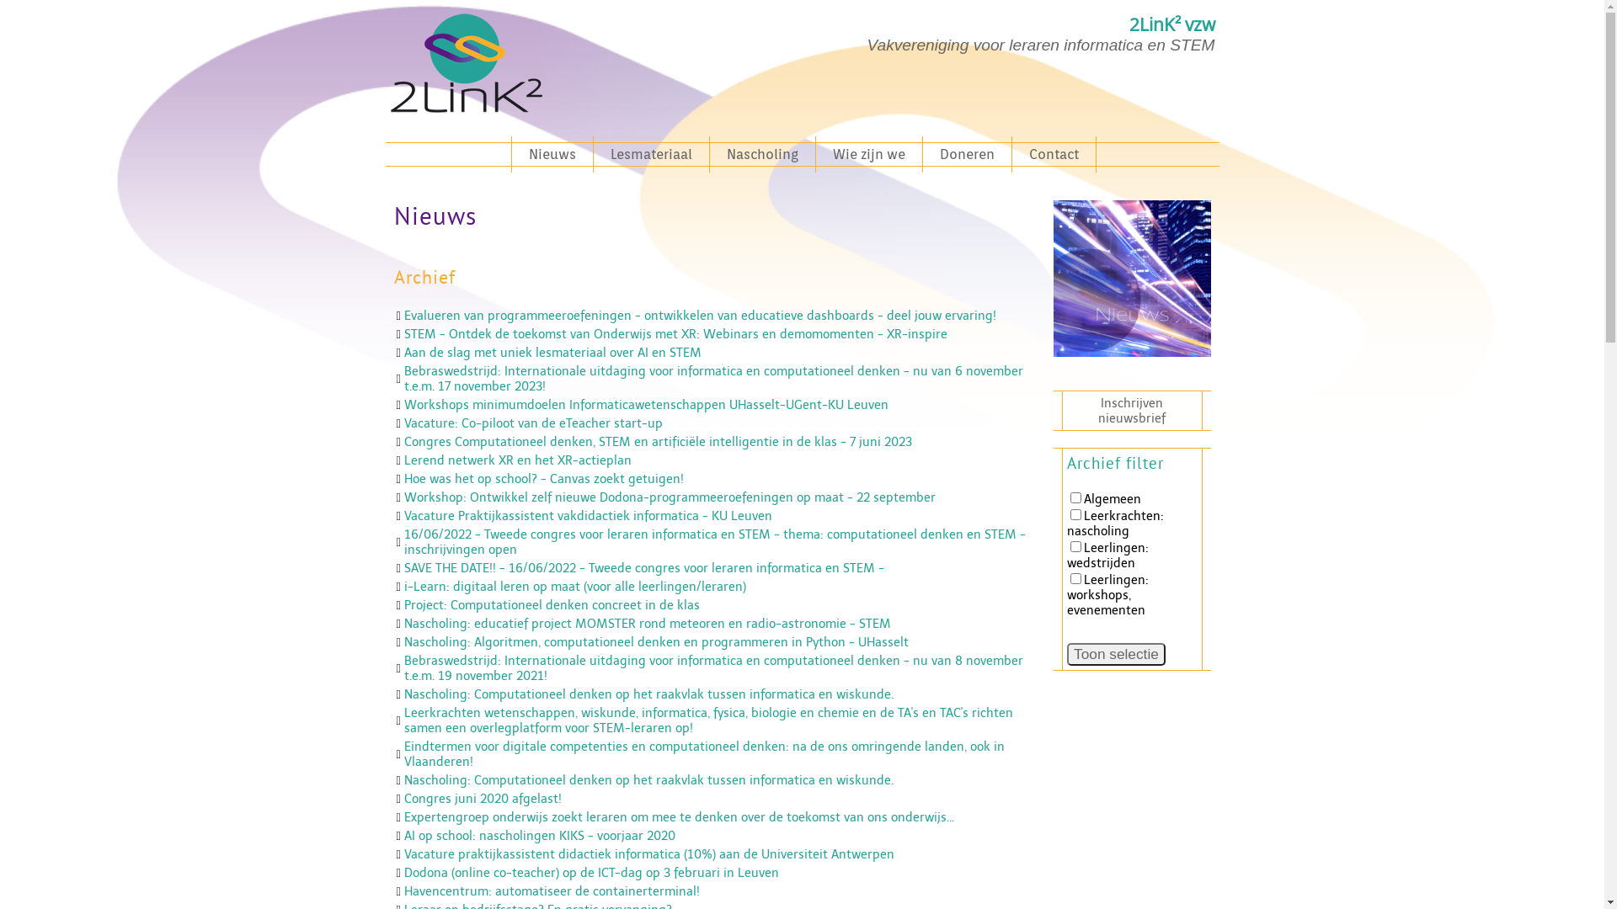 The image size is (1617, 909). Describe the element at coordinates (540, 835) in the screenshot. I see `'AI op school: nascholingen KIKS - voorjaar 2020'` at that location.